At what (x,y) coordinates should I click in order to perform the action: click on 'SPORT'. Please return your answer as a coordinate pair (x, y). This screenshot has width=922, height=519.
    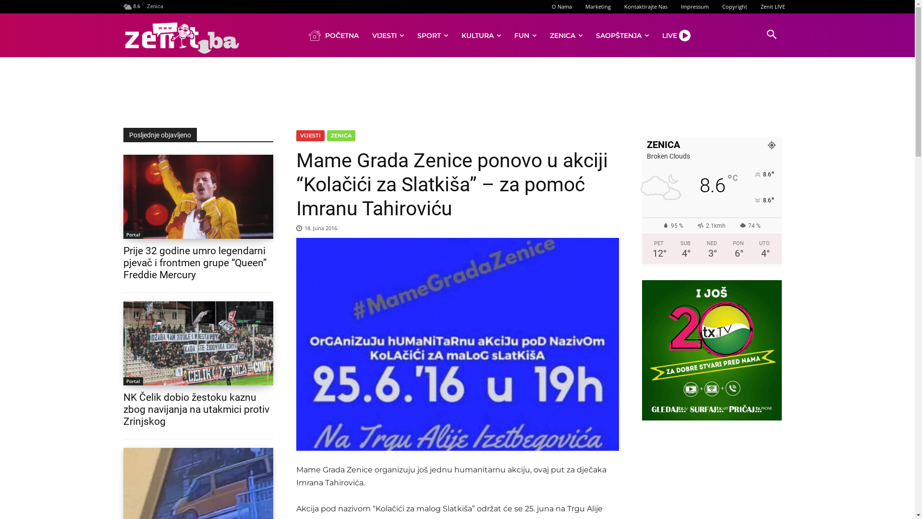
    Looking at the image, I should click on (410, 35).